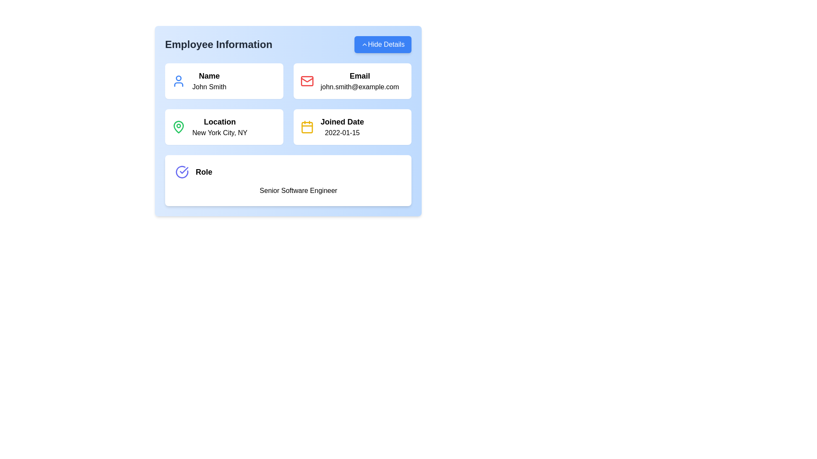 The height and width of the screenshot is (459, 817). Describe the element at coordinates (342, 122) in the screenshot. I see `the 'Joined Date' text label, which is styled in bold and large font, located in the right column of the employee detail box in the third row` at that location.